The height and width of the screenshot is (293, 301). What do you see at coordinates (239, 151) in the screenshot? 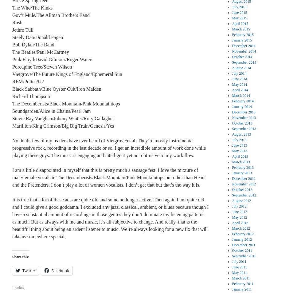
I see `'May 2013'` at bounding box center [239, 151].